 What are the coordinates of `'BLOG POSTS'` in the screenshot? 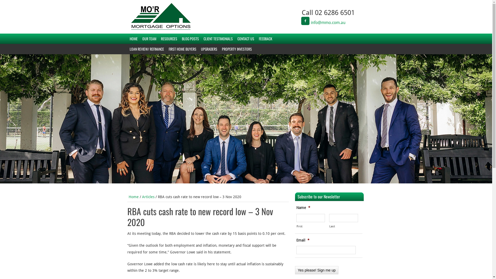 It's located at (180, 38).